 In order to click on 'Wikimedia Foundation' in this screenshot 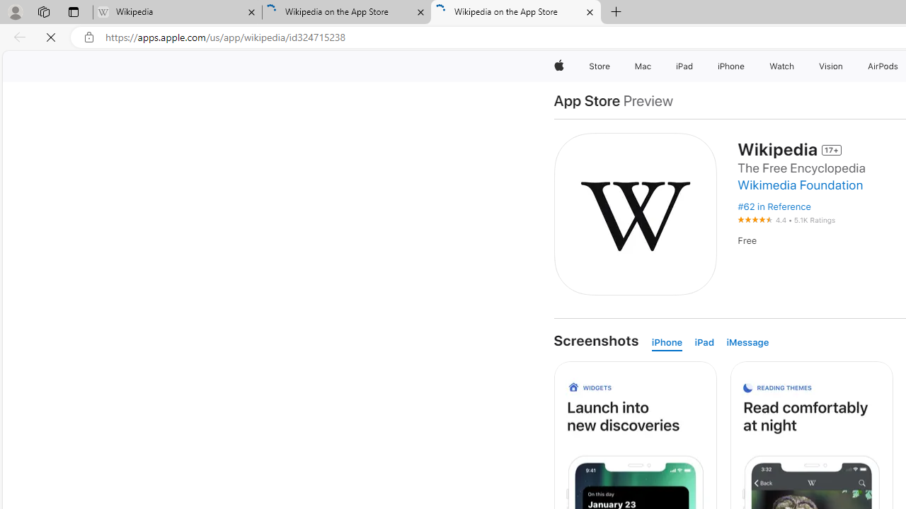, I will do `click(804, 185)`.